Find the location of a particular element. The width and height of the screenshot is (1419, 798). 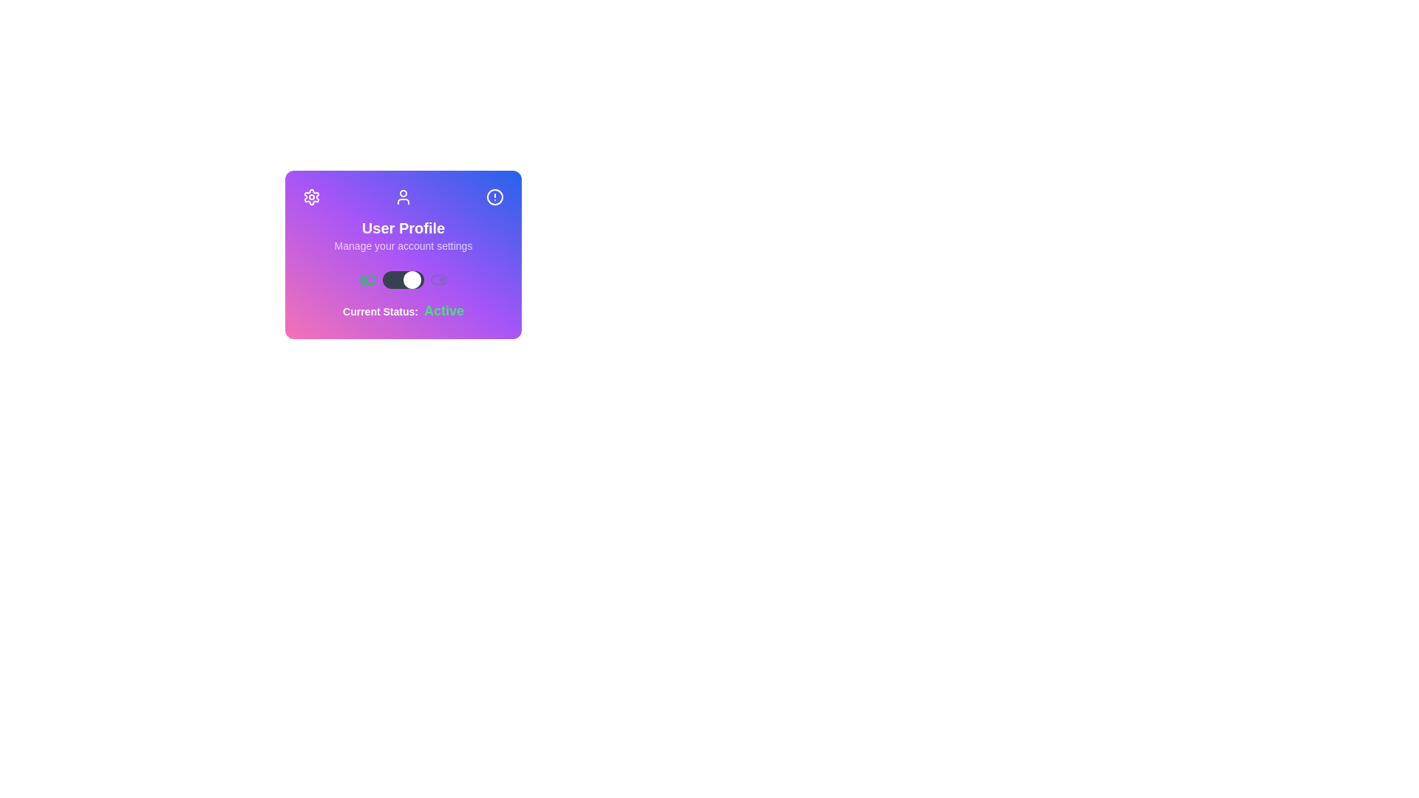

the 'User Profile' text block which contains the bold 'User Profile' and the smaller 'Manage your account settings' text is located at coordinates (404, 235).